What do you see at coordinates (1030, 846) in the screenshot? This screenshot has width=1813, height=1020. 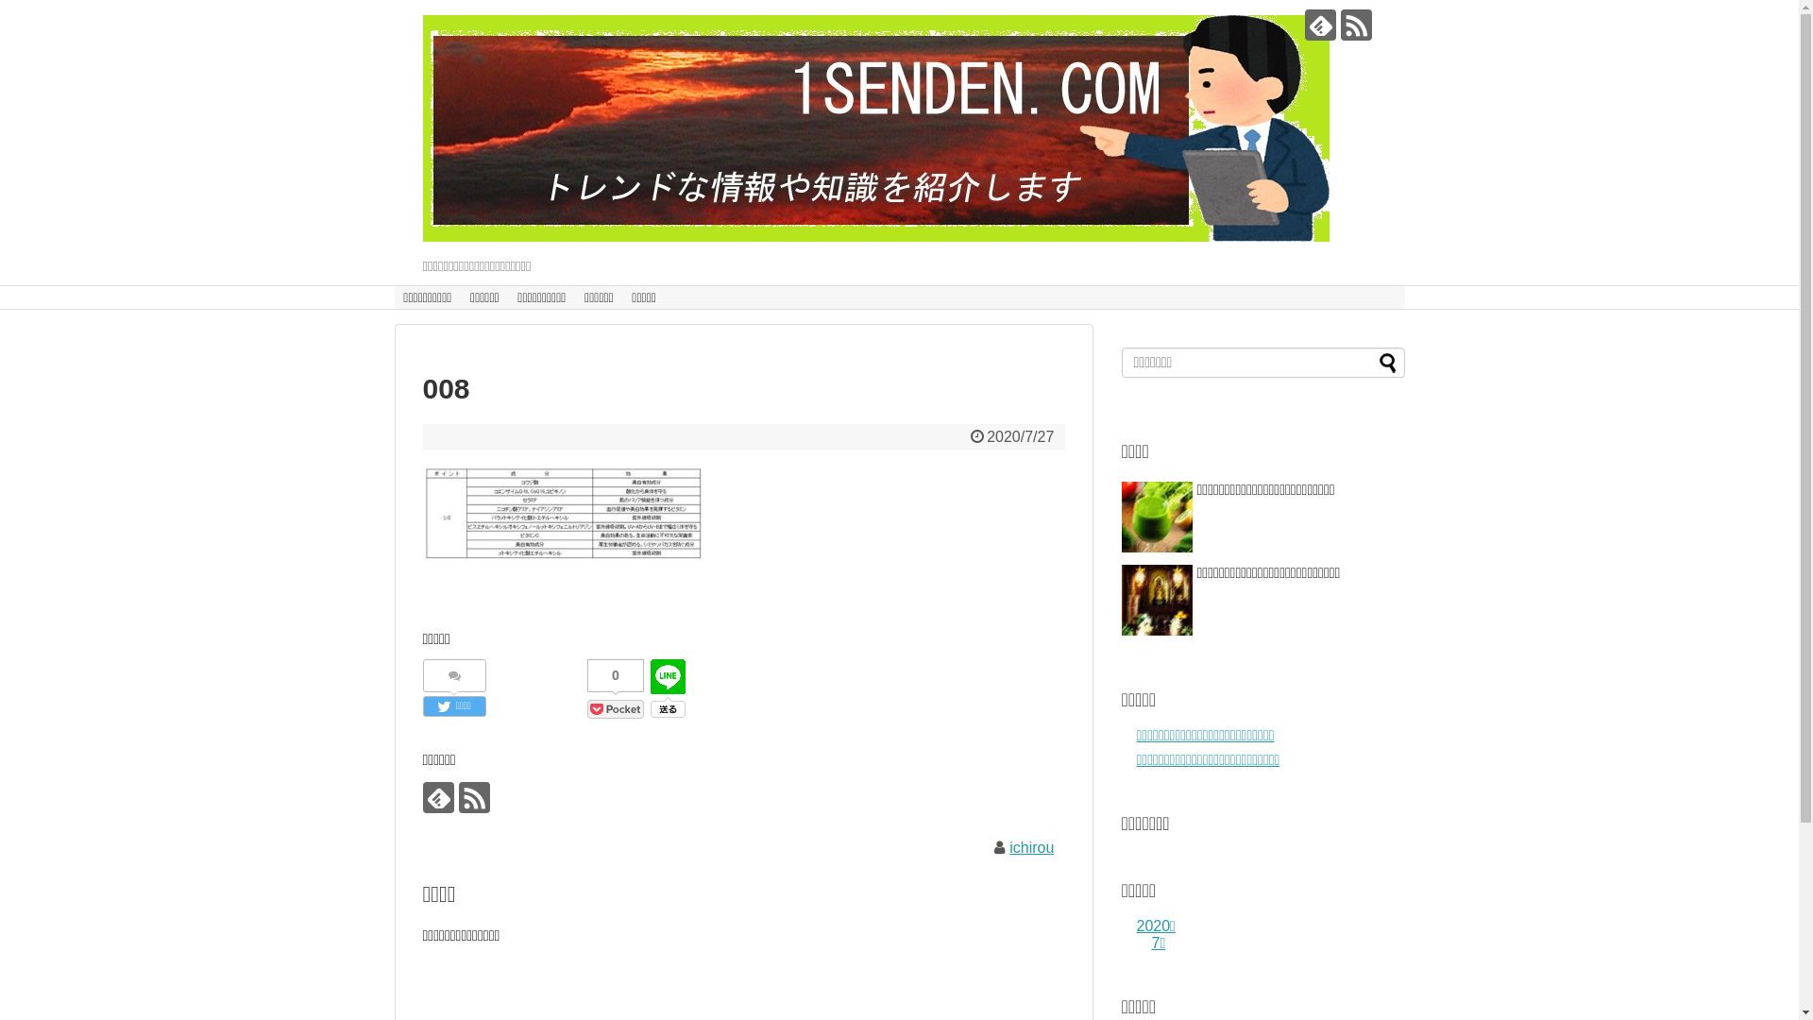 I see `'ichirou'` at bounding box center [1030, 846].